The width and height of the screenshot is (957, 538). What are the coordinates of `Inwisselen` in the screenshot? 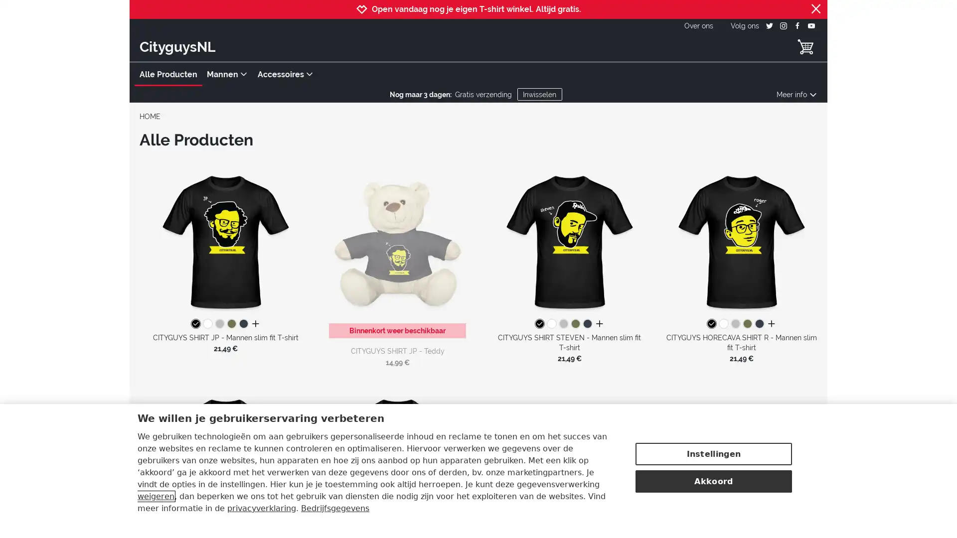 It's located at (538, 94).